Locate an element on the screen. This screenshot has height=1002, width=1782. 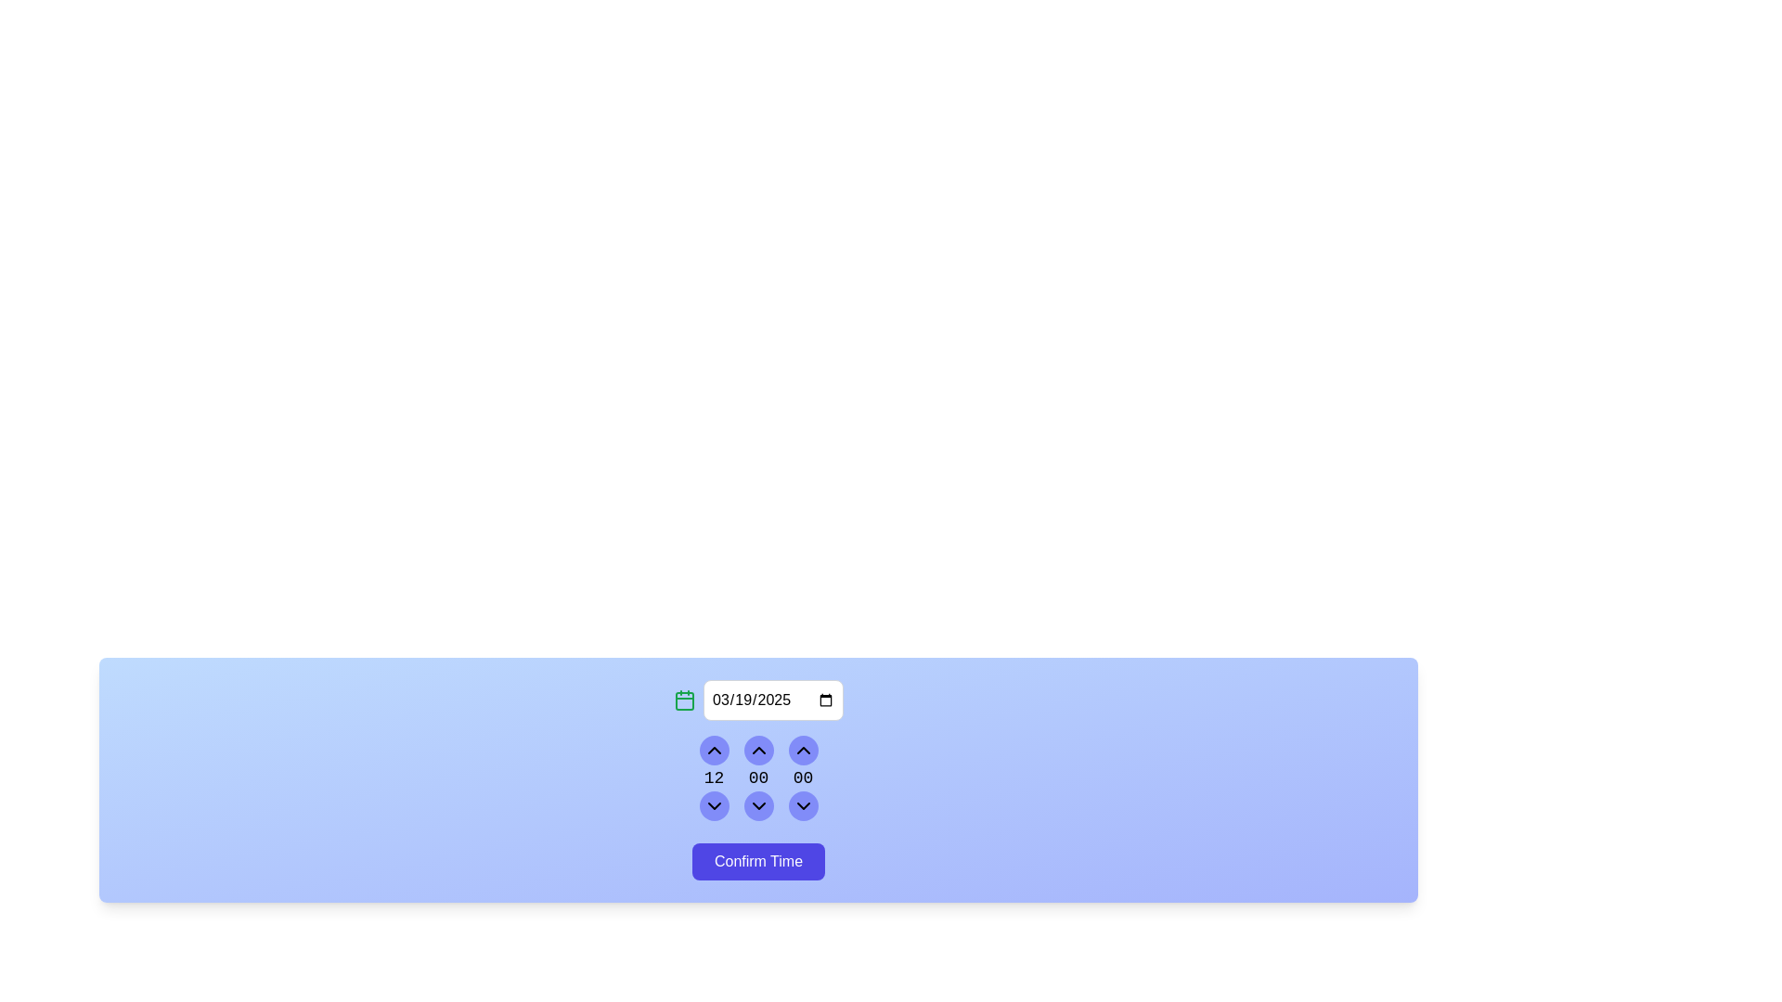
the downward button in the numeric display component of the time selector to decrease the value is located at coordinates (758, 778).